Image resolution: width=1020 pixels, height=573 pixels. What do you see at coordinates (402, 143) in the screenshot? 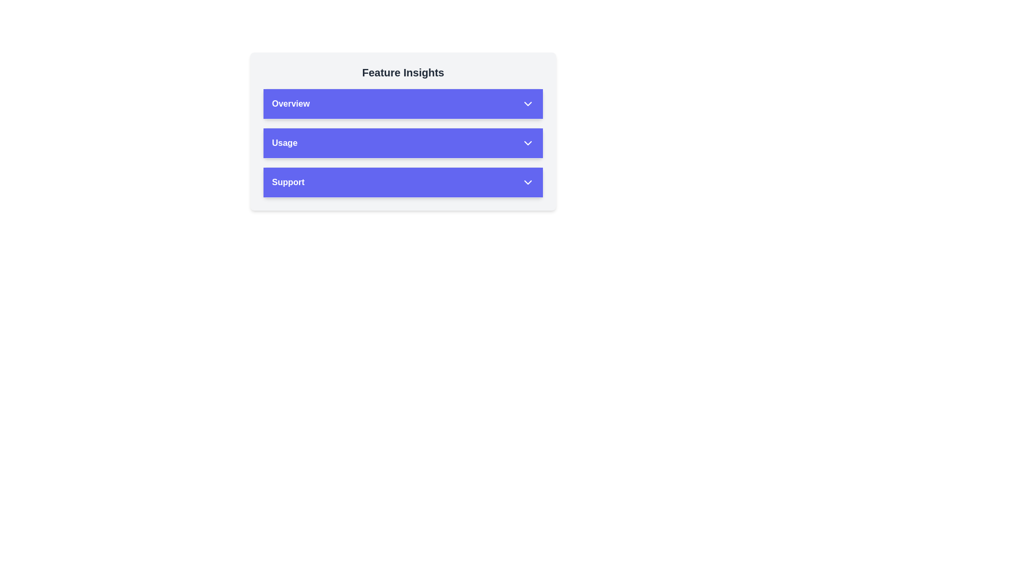
I see `the Dropdown button located` at bounding box center [402, 143].